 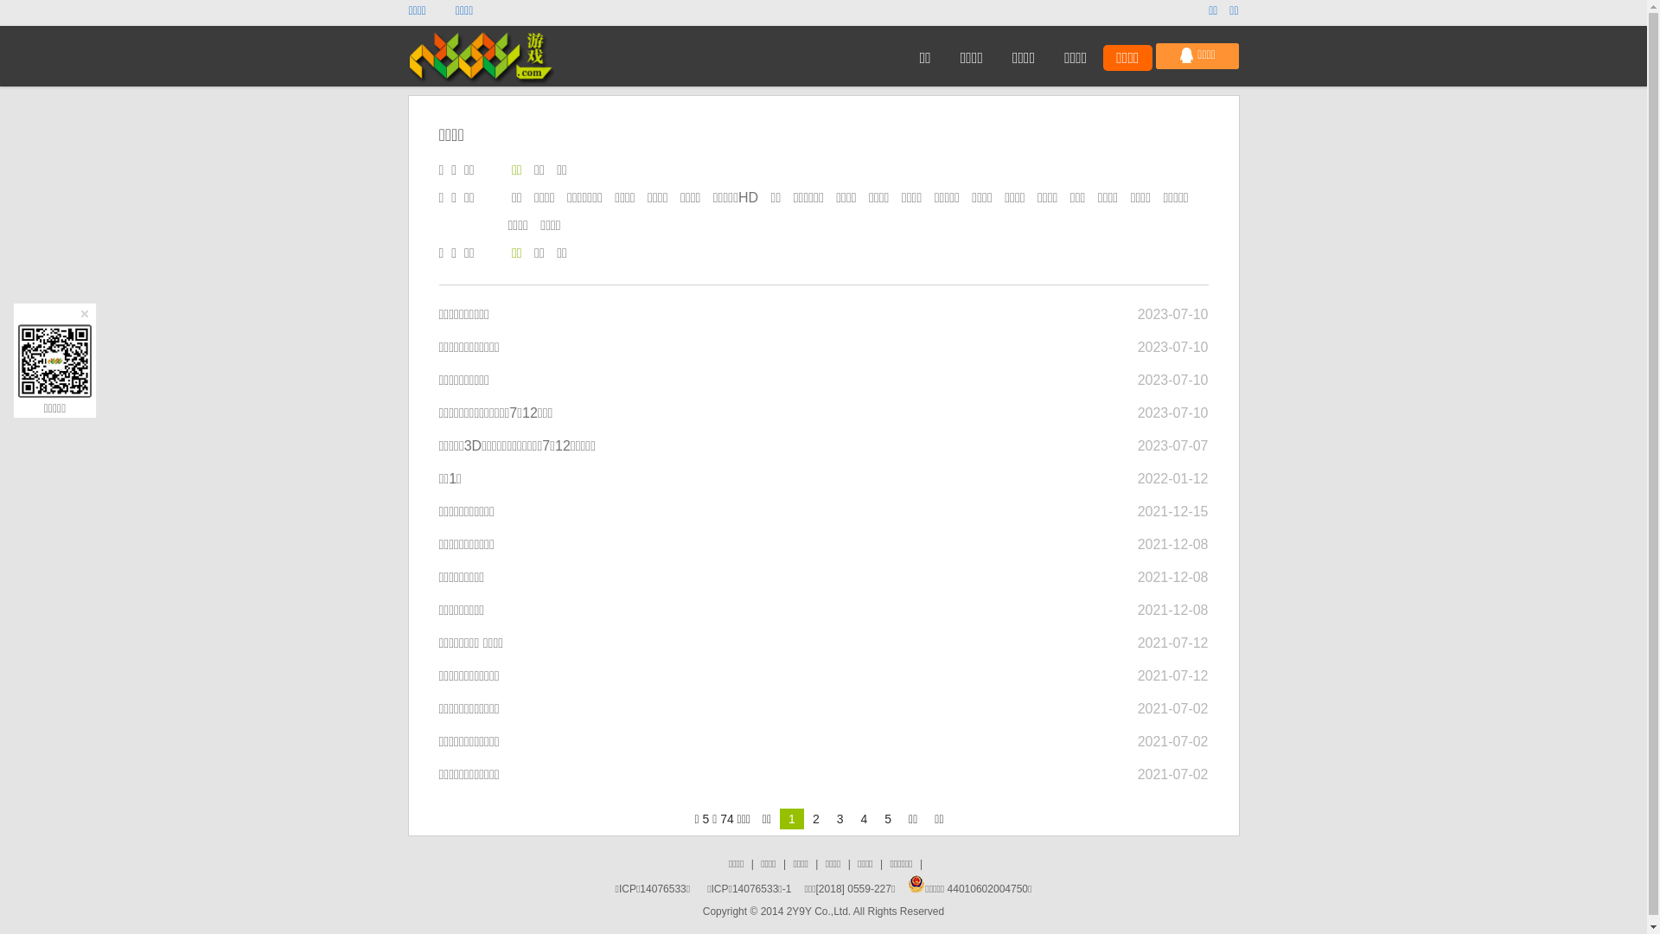 What do you see at coordinates (815, 818) in the screenshot?
I see `'2'` at bounding box center [815, 818].